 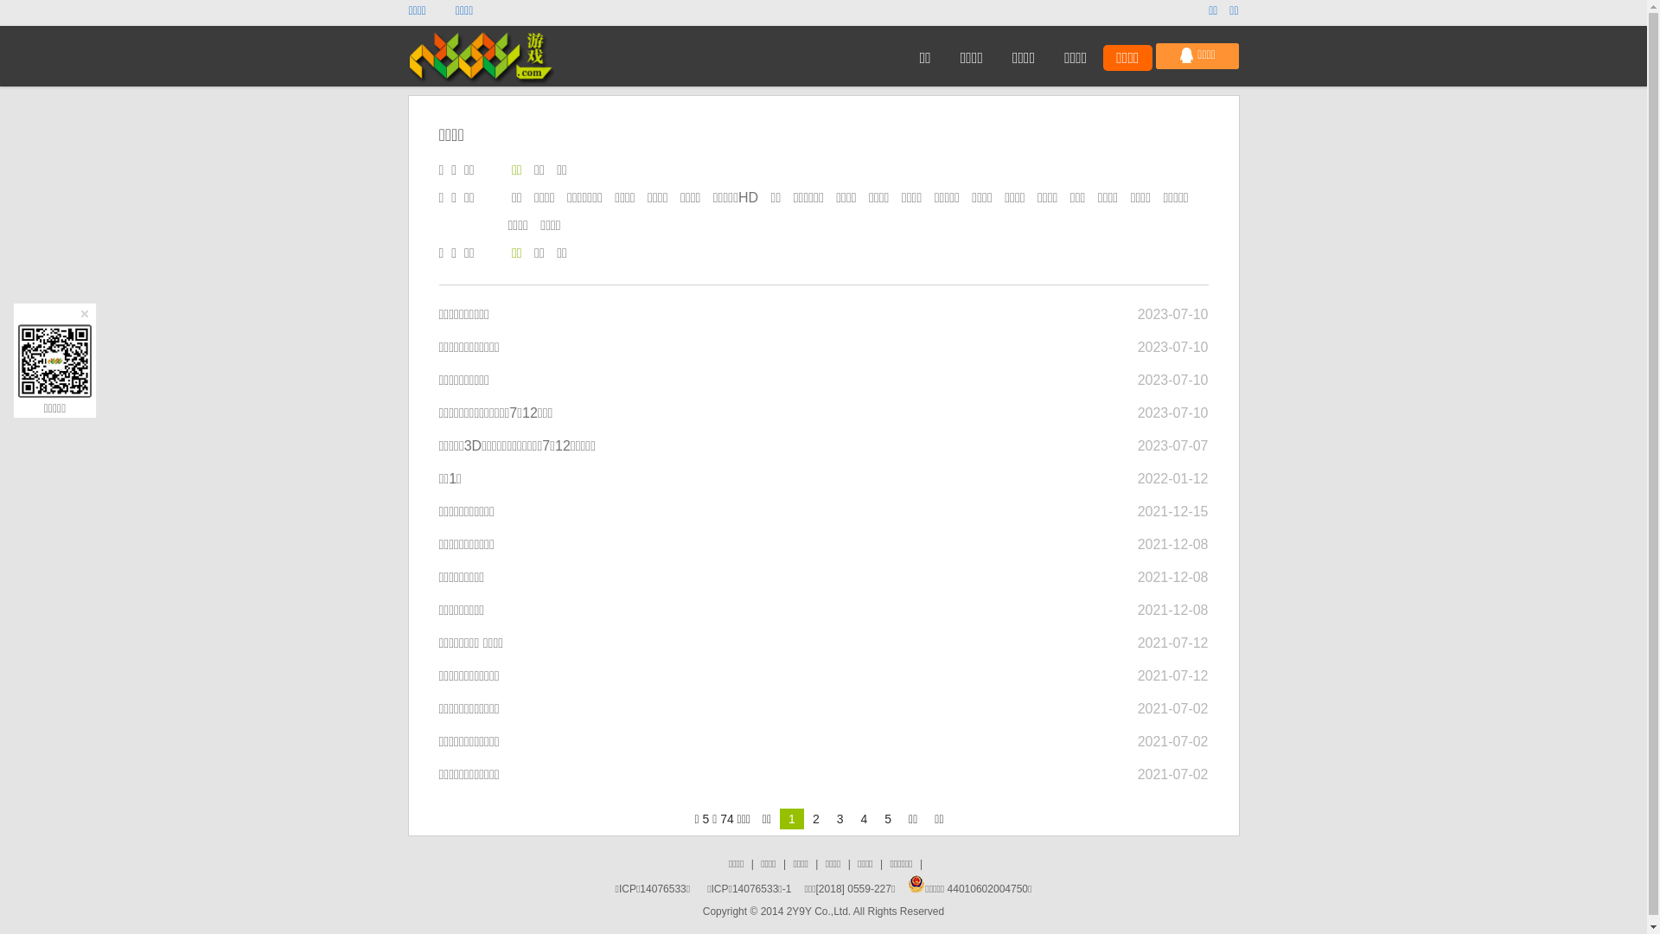 What do you see at coordinates (815, 818) in the screenshot?
I see `'2'` at bounding box center [815, 818].